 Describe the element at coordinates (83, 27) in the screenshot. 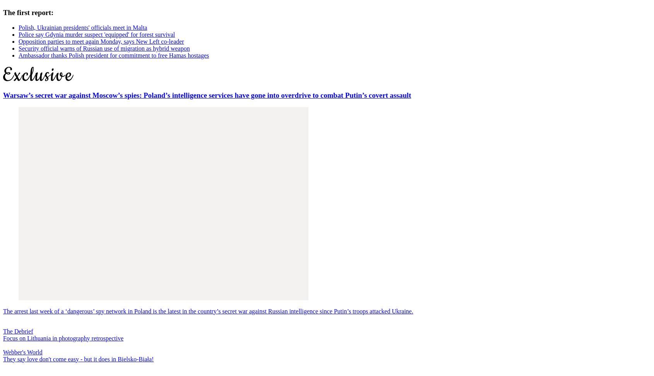

I see `'Polish, Ukrainian presidents' officials meet in Malta'` at that location.